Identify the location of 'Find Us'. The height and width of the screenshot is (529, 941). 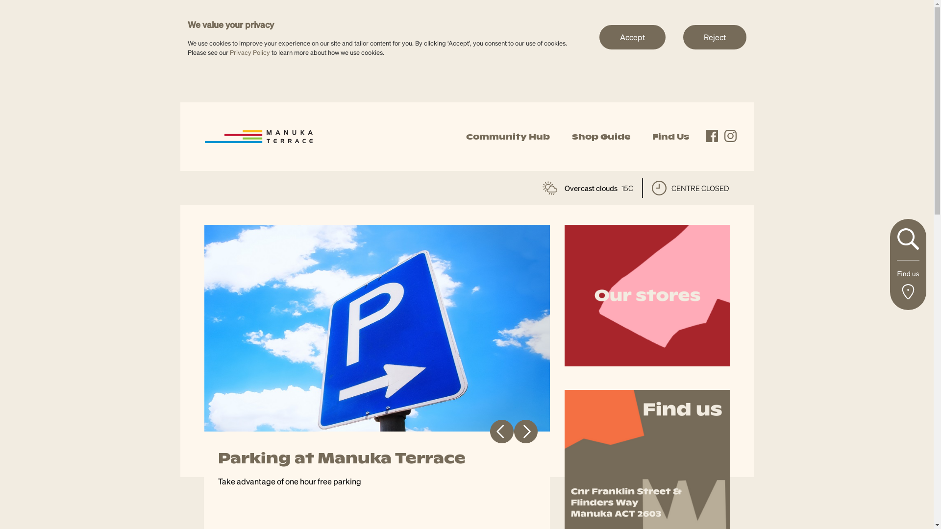
(669, 137).